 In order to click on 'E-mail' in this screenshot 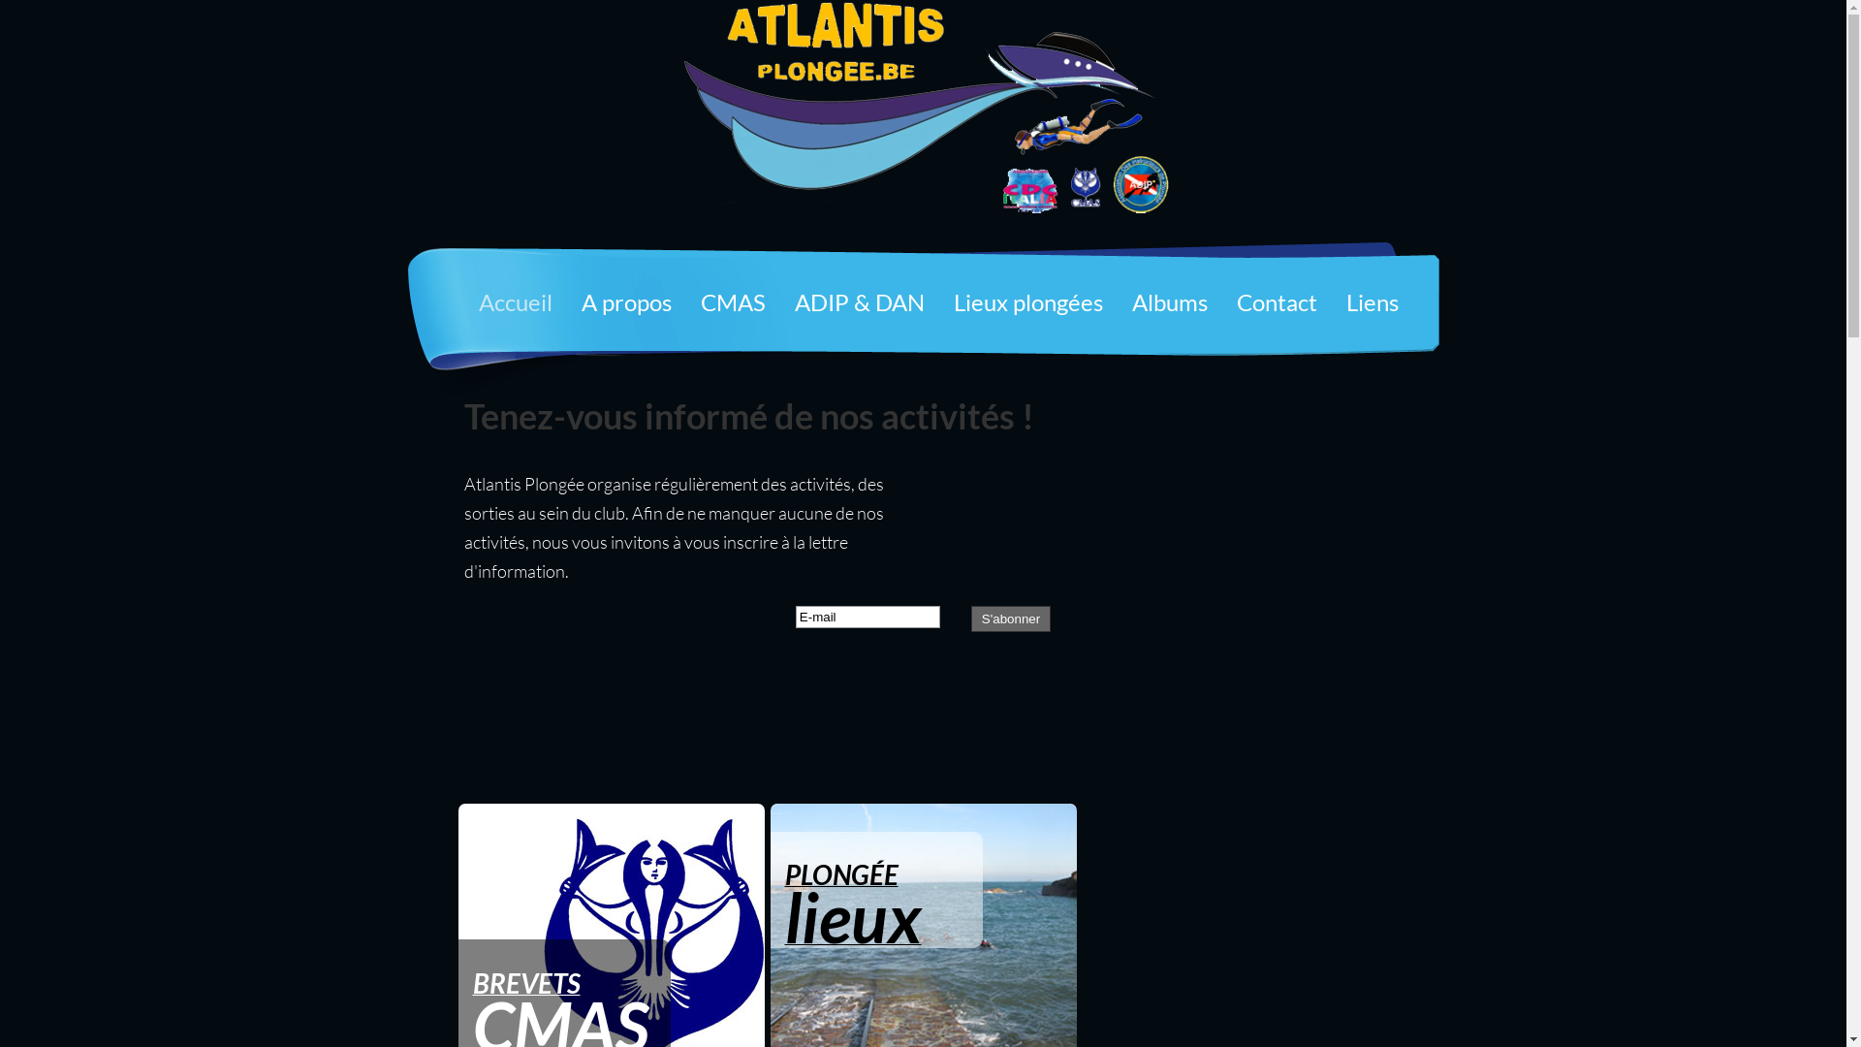, I will do `click(795, 617)`.